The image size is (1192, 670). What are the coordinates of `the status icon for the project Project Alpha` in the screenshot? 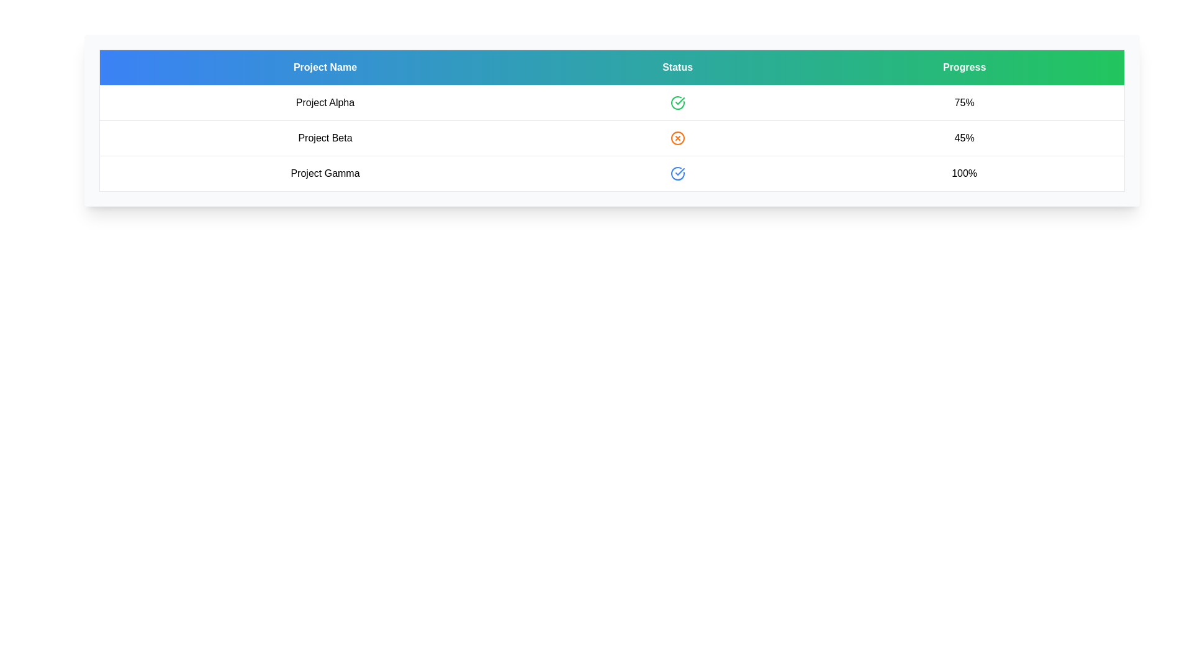 It's located at (677, 102).